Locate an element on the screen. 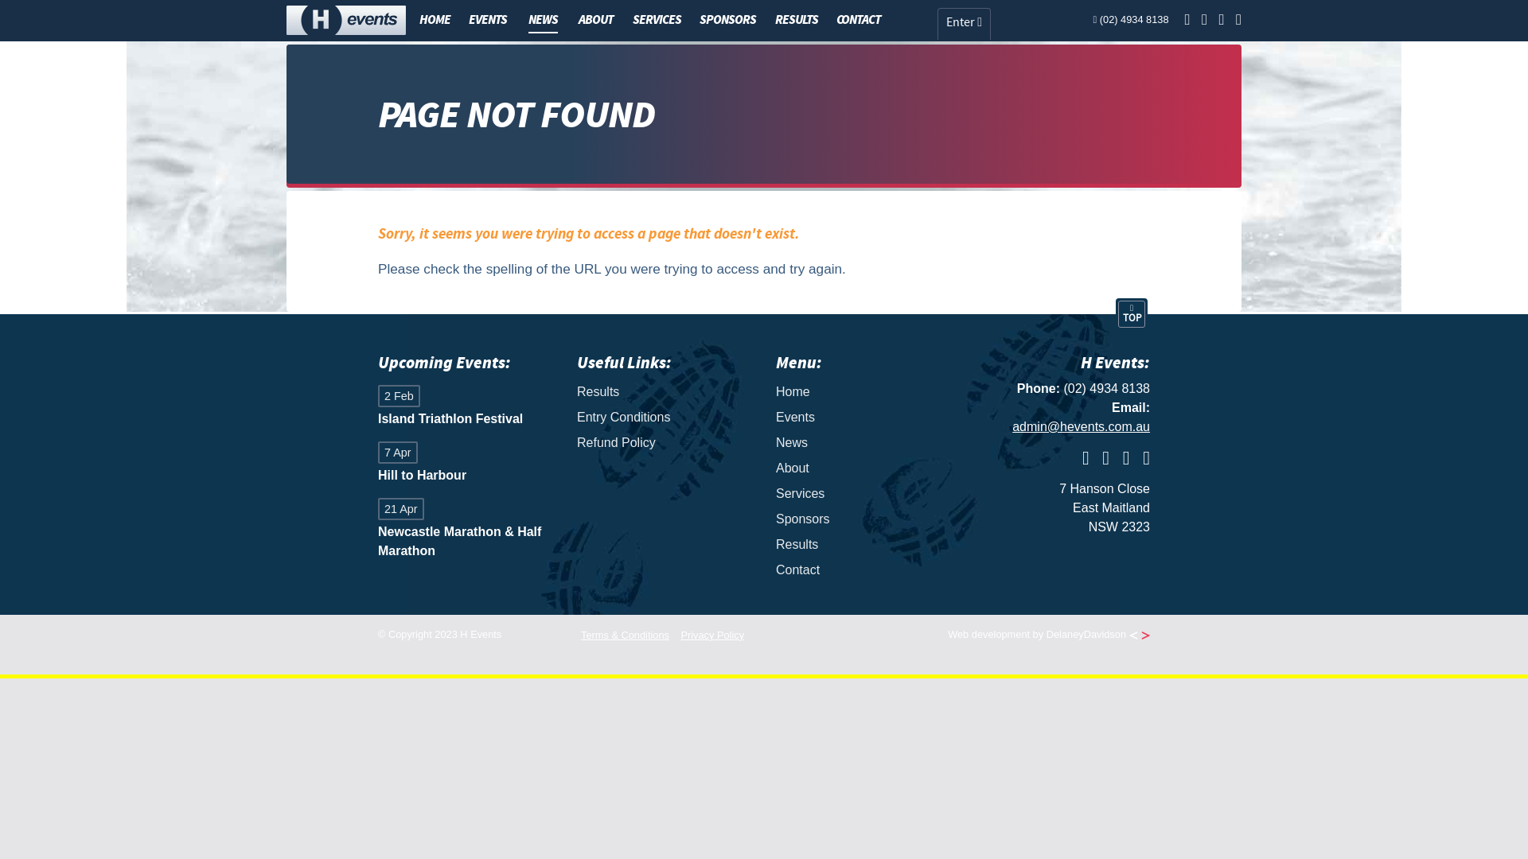  'Privacy Policy' is located at coordinates (680, 634).